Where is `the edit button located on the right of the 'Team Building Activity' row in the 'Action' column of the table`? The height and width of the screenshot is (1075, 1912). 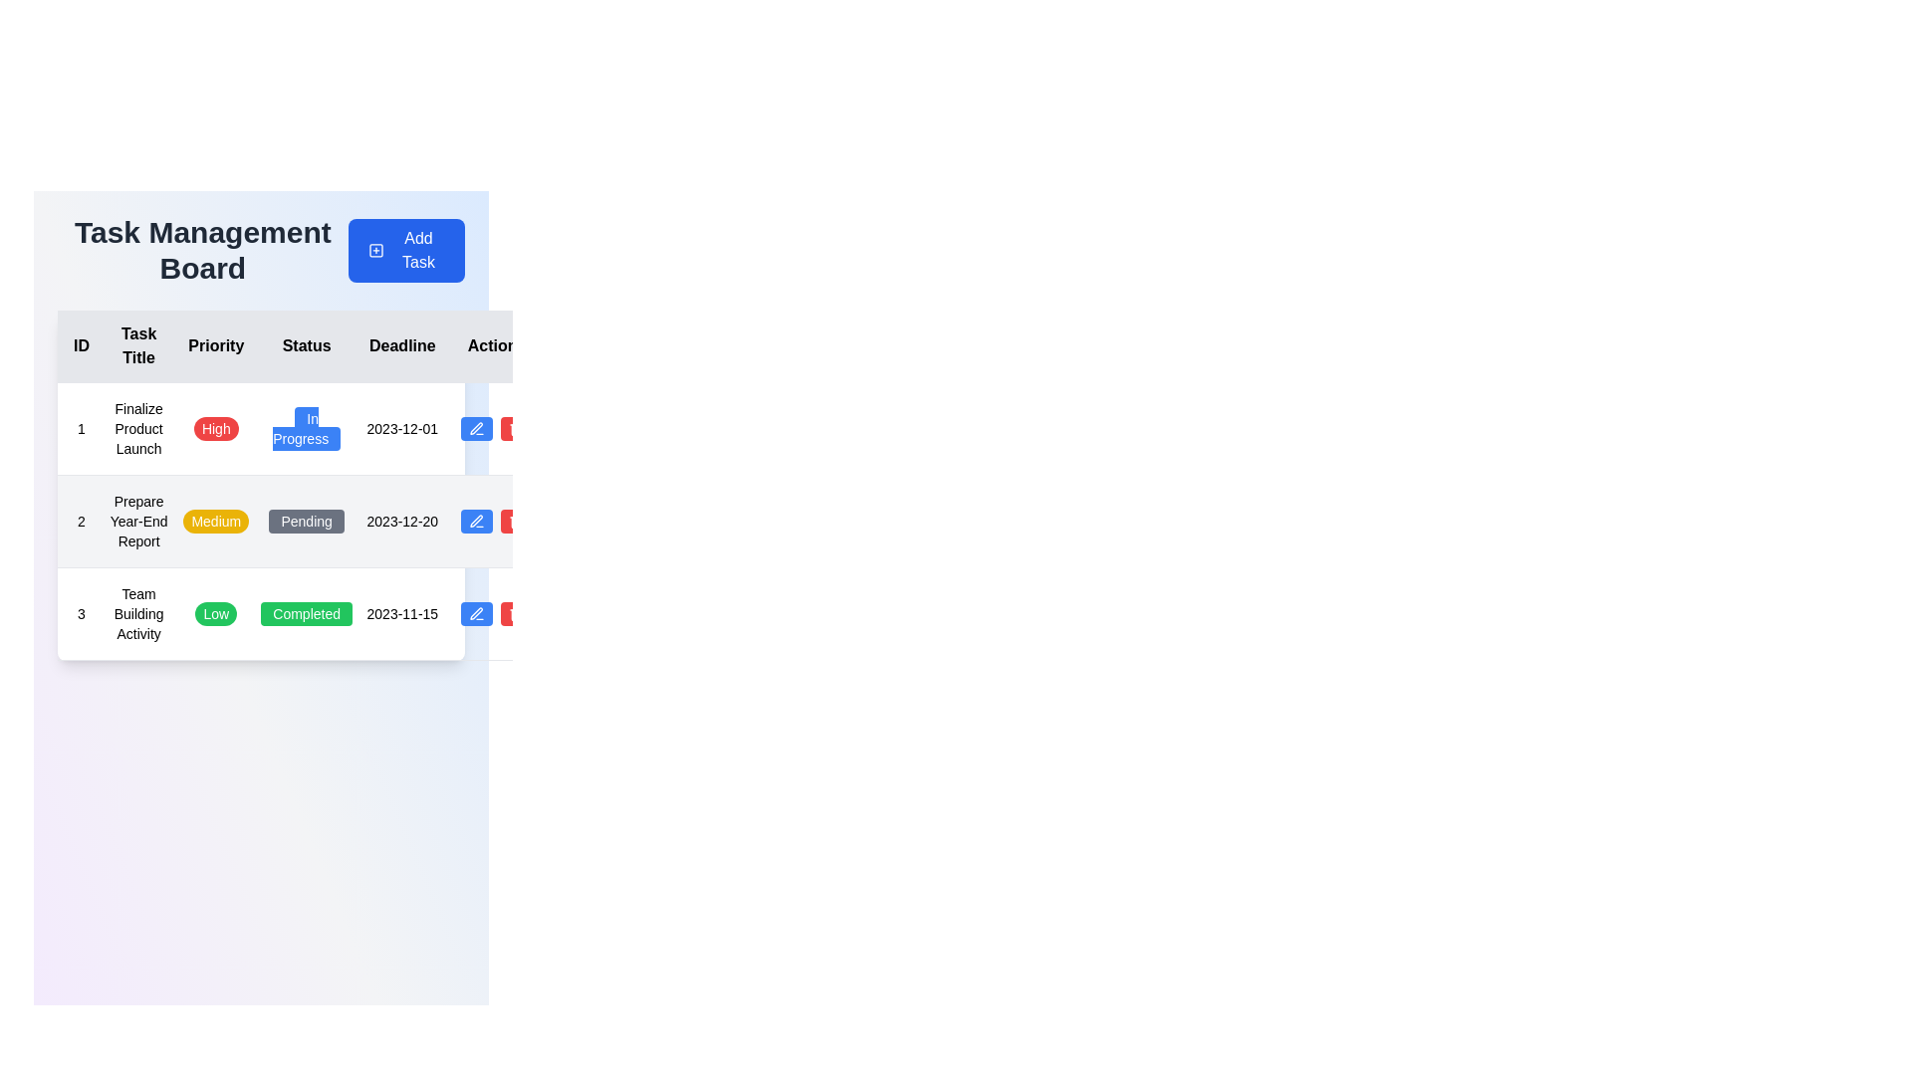 the edit button located on the right of the 'Team Building Activity' row in the 'Action' column of the table is located at coordinates (476, 613).